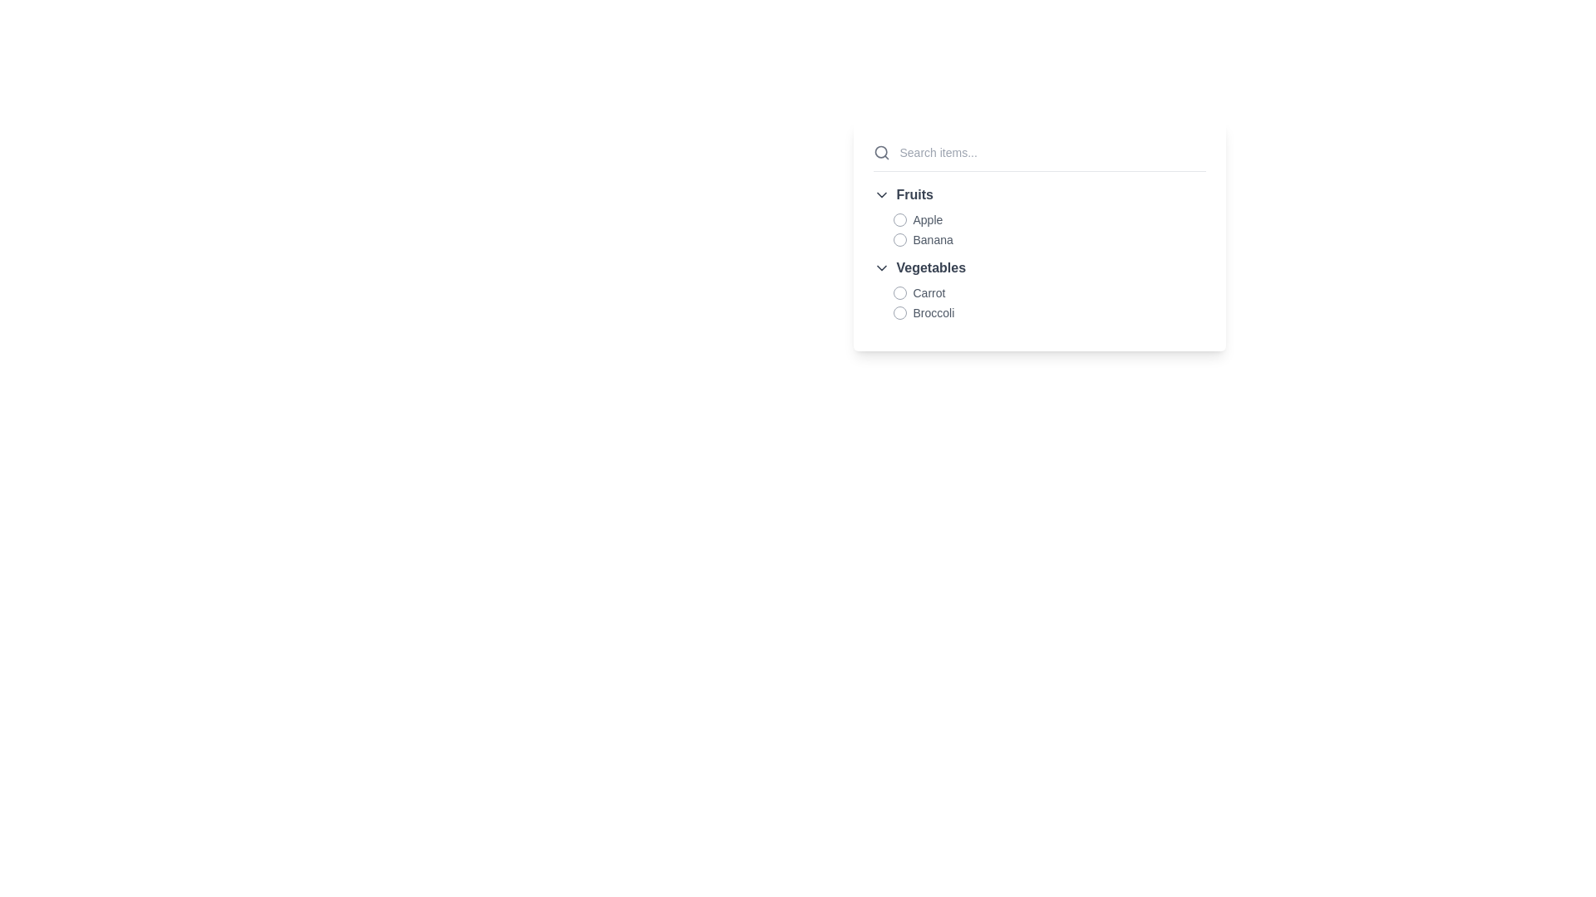 The height and width of the screenshot is (897, 1596). What do you see at coordinates (914, 194) in the screenshot?
I see `the text label reading 'Fruits', which is styled in bold gray font and serves as a section header in the dropdown list` at bounding box center [914, 194].